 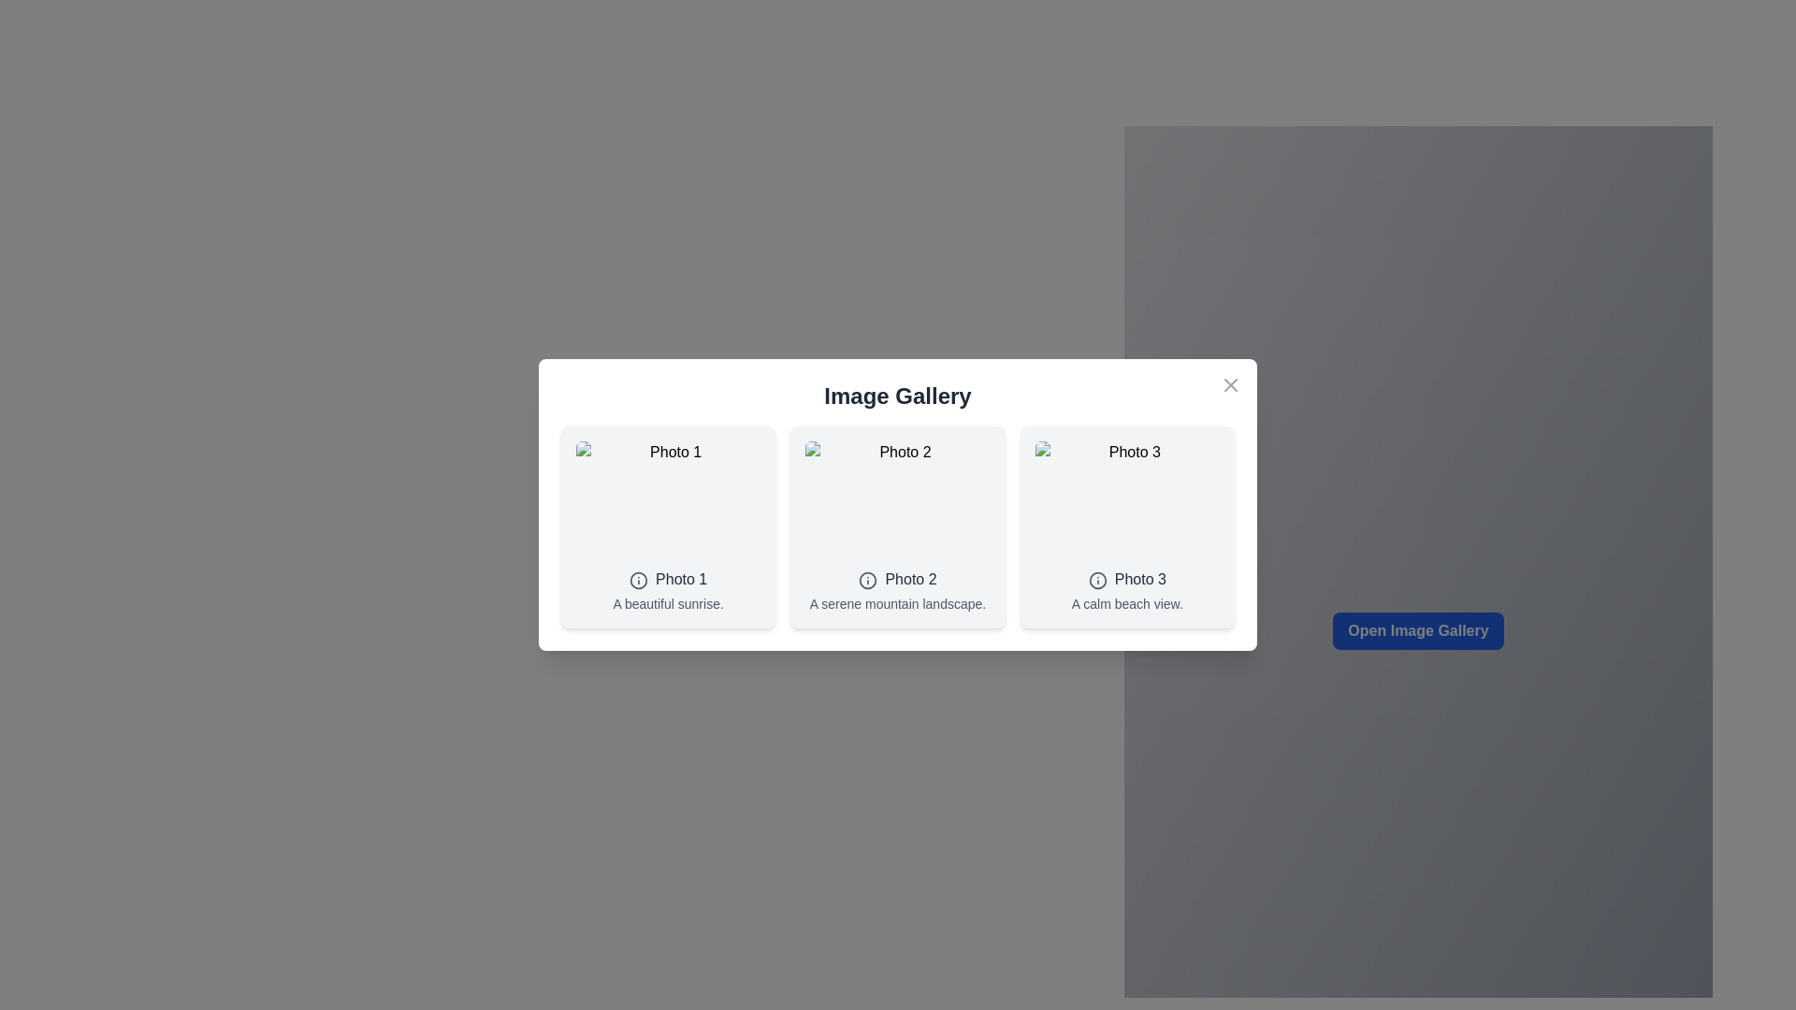 What do you see at coordinates (1139, 578) in the screenshot?
I see `the text label that provides a title or identifier for the associated content in the third card of the image gallery, located just below the image thumbnail and next to a gray information icon` at bounding box center [1139, 578].